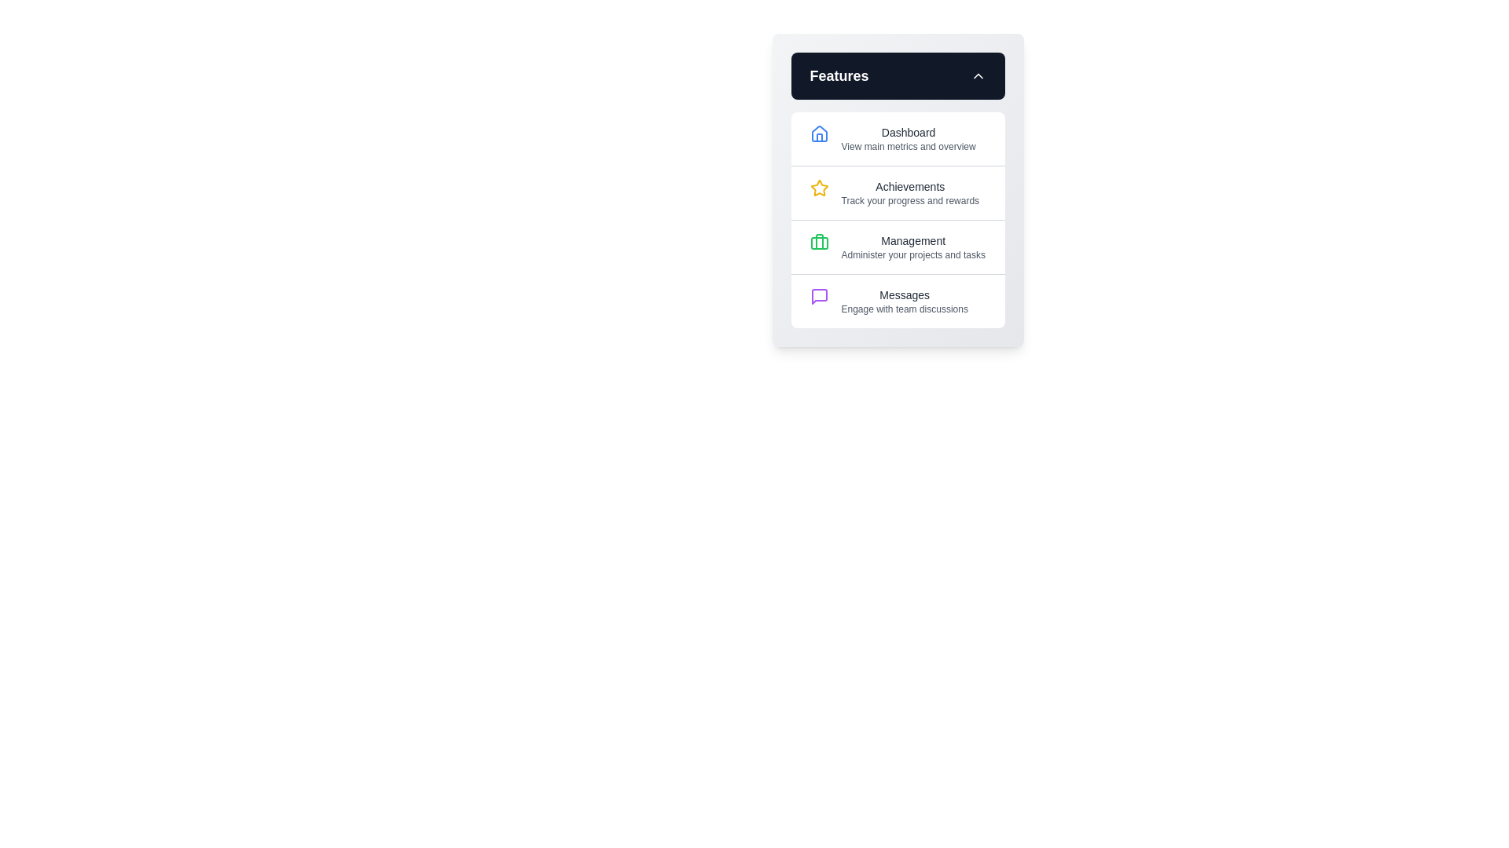 The width and height of the screenshot is (1509, 848). I want to click on the static text label positioned in the third row of the menu, under 'Achievements' and above 'Messages', which represents management-related functionalities, so click(913, 241).